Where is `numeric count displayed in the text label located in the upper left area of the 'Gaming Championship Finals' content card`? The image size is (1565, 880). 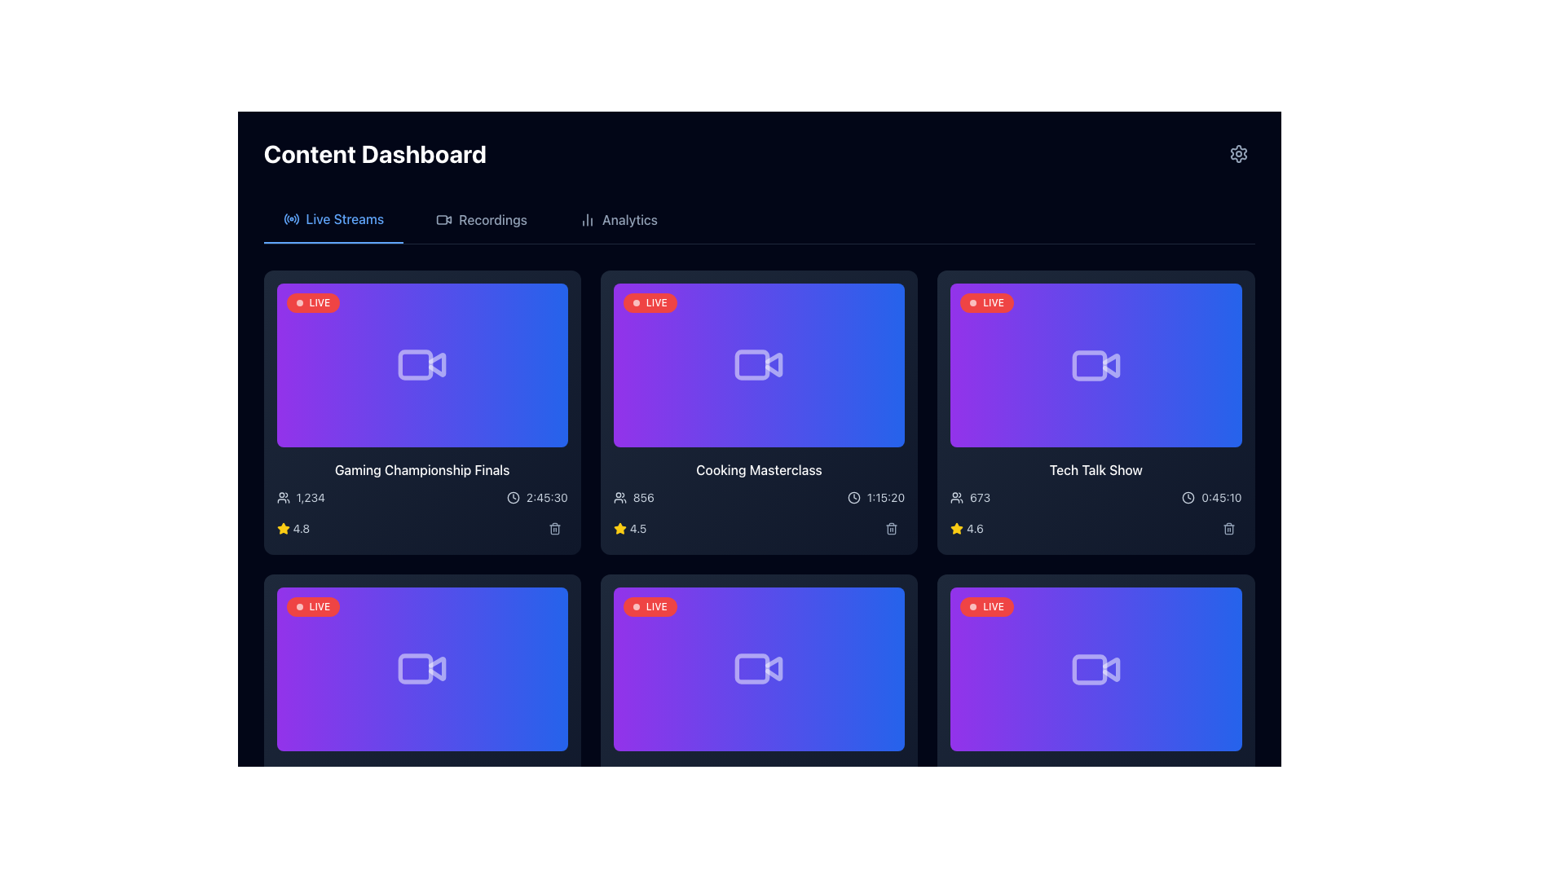 numeric count displayed in the text label located in the upper left area of the 'Gaming Championship Finals' content card is located at coordinates (301, 496).